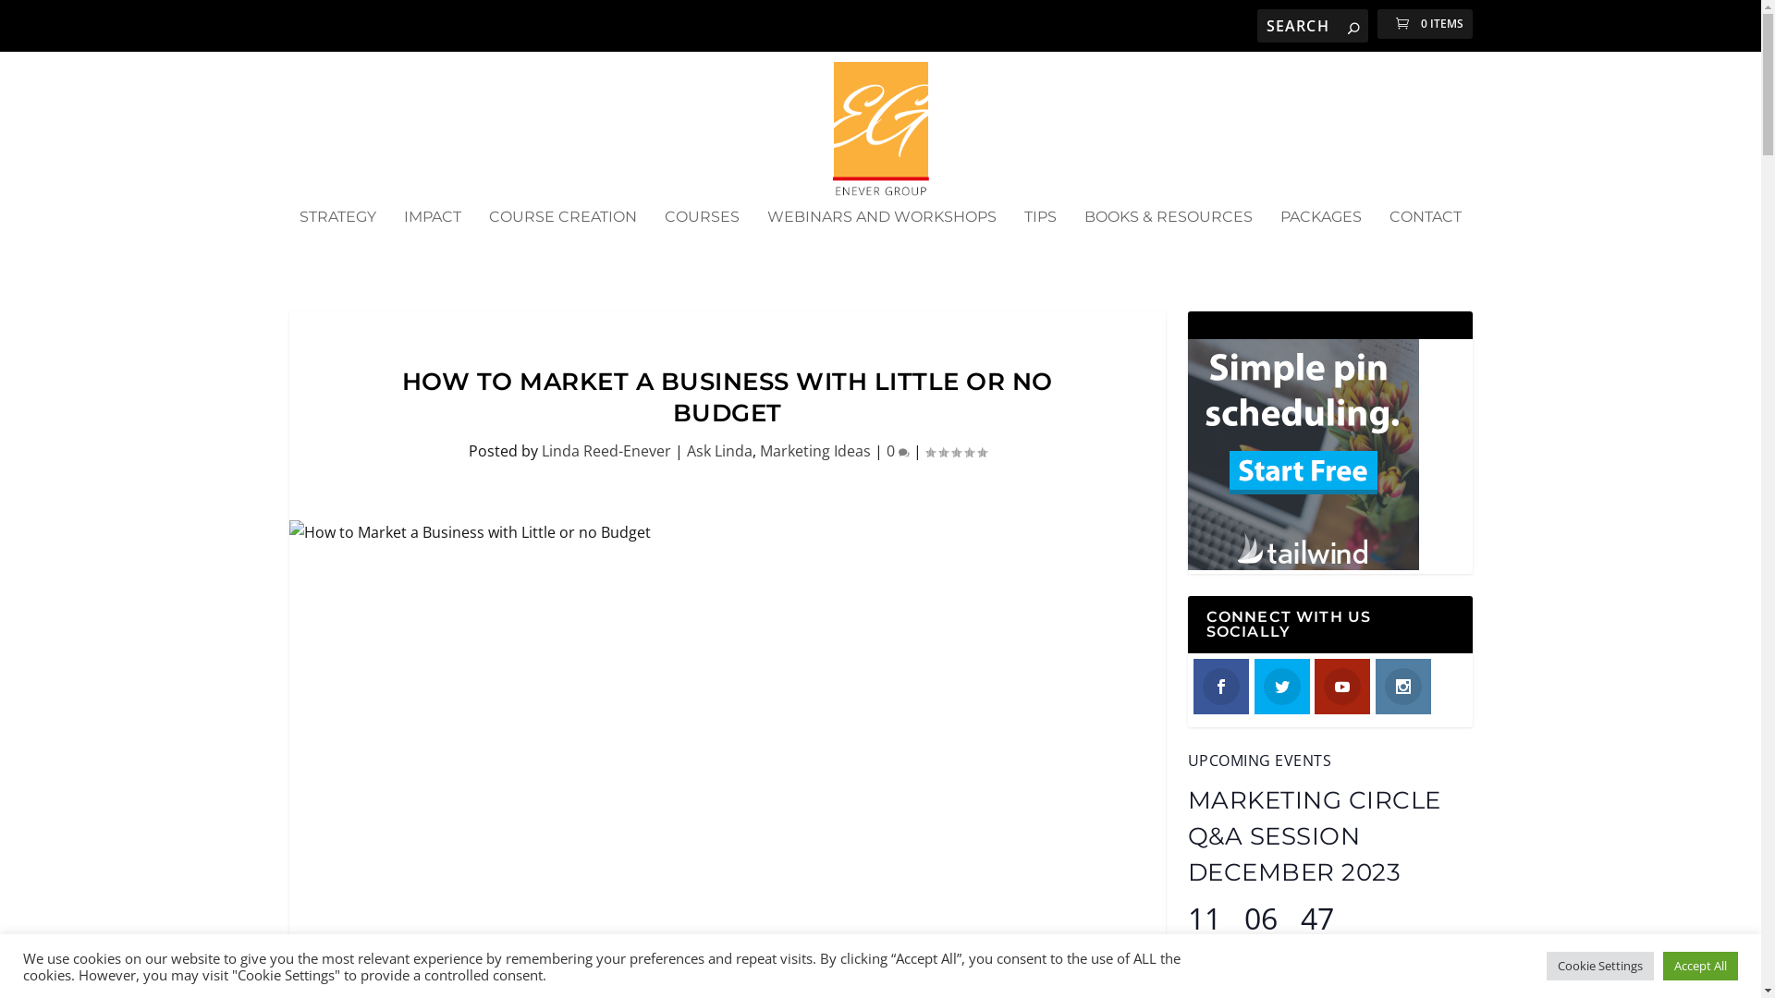  Describe the element at coordinates (814, 451) in the screenshot. I see `'Marketing Ideas'` at that location.